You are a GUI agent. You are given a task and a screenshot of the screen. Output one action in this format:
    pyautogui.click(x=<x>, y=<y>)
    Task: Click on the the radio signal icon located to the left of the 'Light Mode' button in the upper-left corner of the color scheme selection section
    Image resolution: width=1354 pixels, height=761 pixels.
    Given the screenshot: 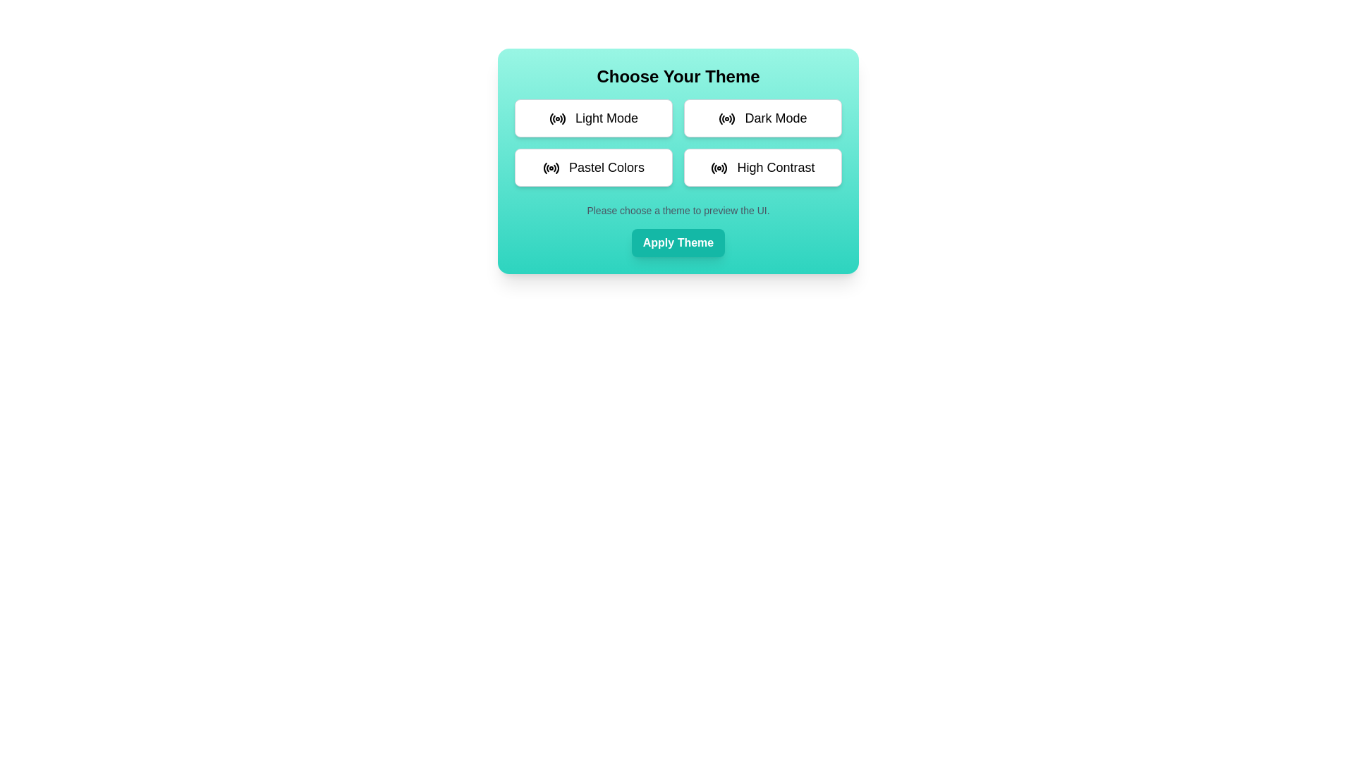 What is the action you would take?
    pyautogui.click(x=557, y=118)
    